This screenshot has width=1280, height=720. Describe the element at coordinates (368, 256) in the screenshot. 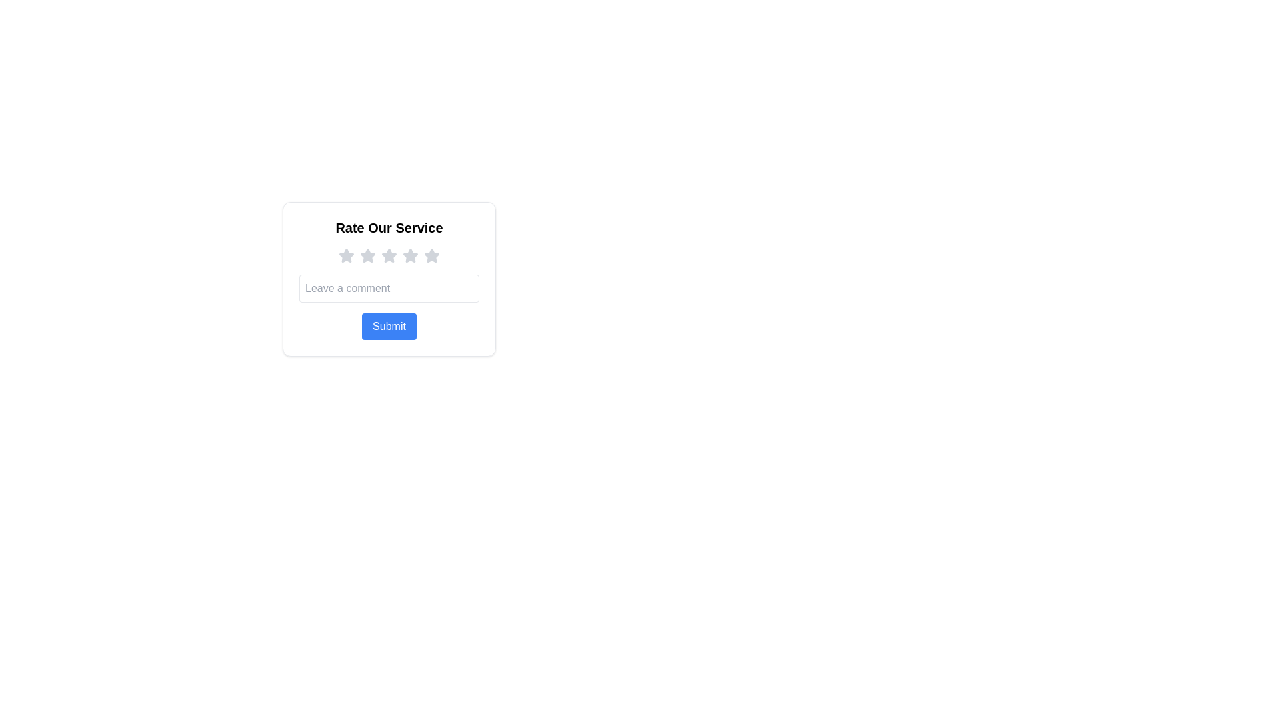

I see `the second star icon` at that location.